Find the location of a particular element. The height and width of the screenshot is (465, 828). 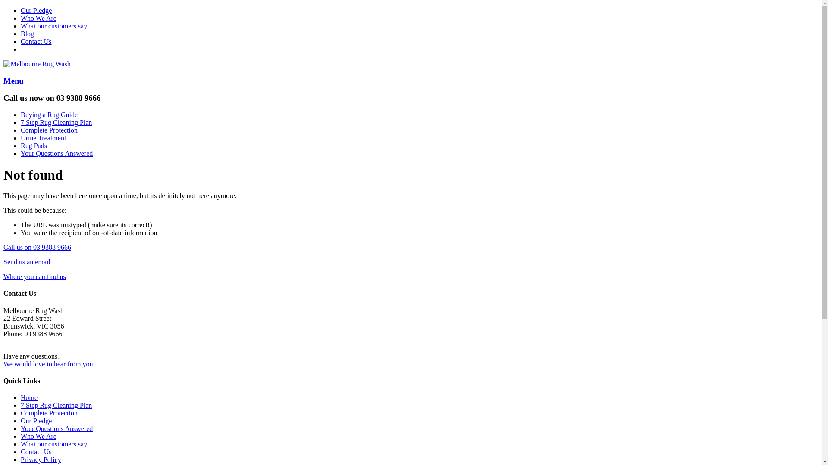

'Rug Pads' is located at coordinates (34, 145).